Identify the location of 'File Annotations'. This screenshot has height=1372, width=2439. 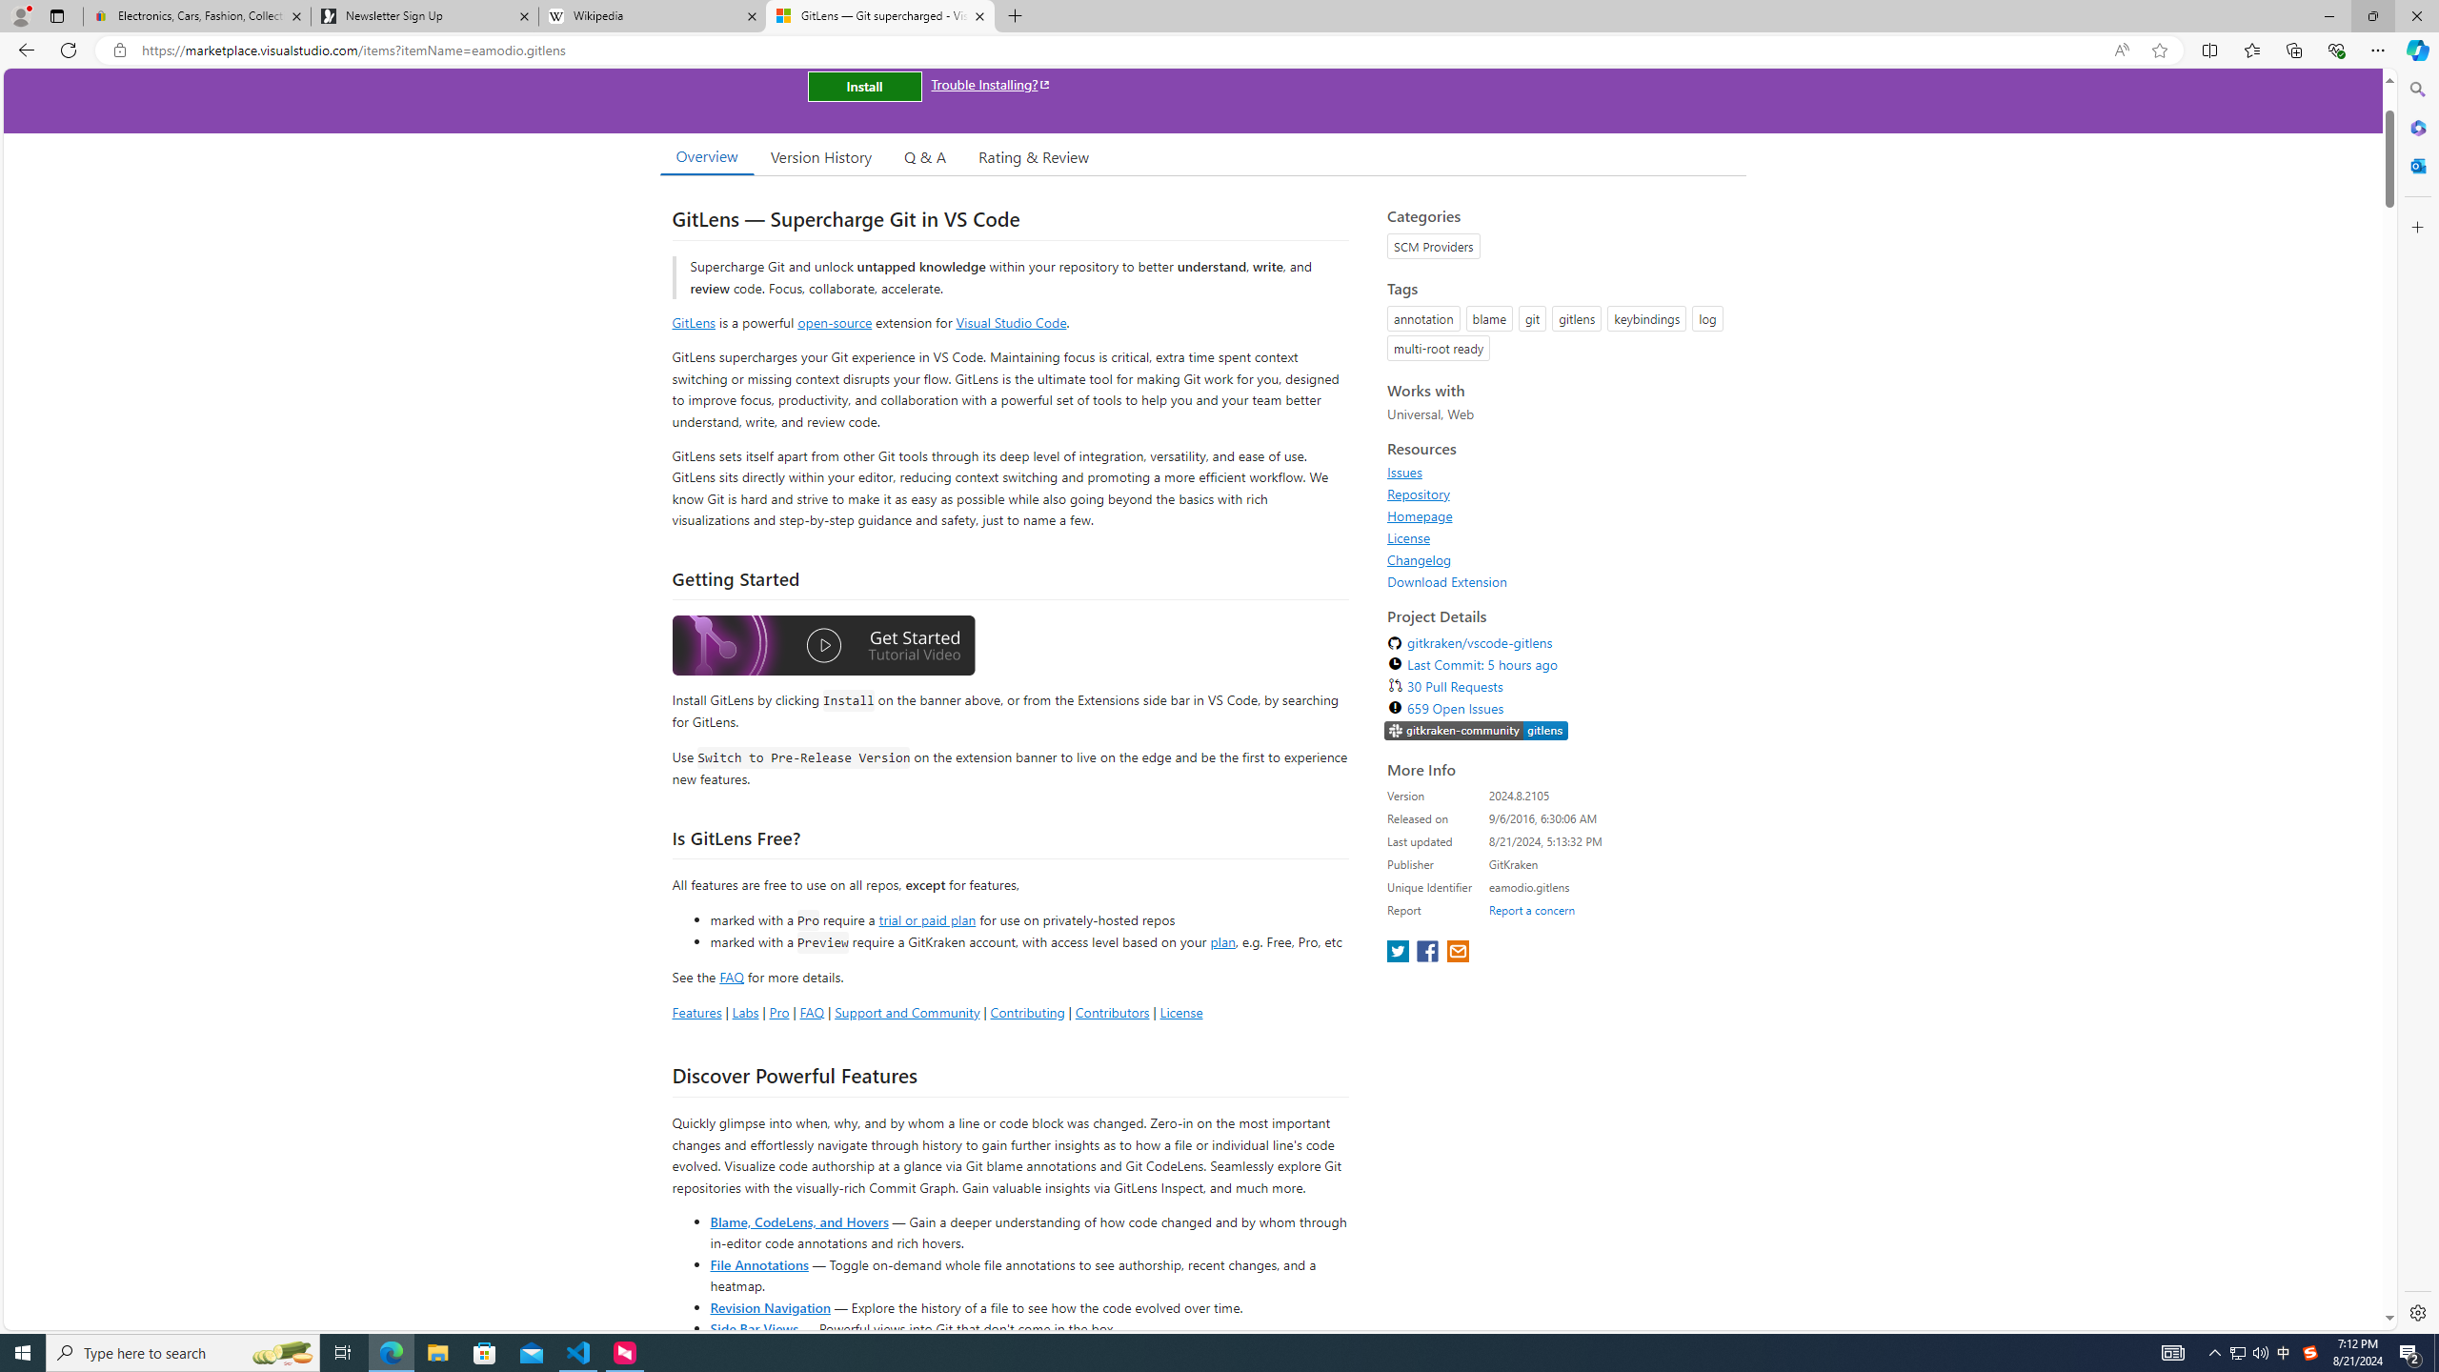
(758, 1262).